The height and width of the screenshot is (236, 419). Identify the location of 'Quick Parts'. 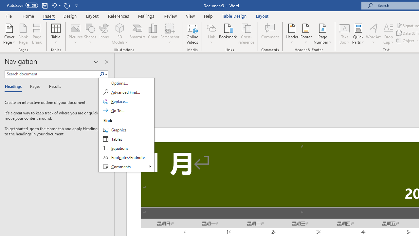
(358, 34).